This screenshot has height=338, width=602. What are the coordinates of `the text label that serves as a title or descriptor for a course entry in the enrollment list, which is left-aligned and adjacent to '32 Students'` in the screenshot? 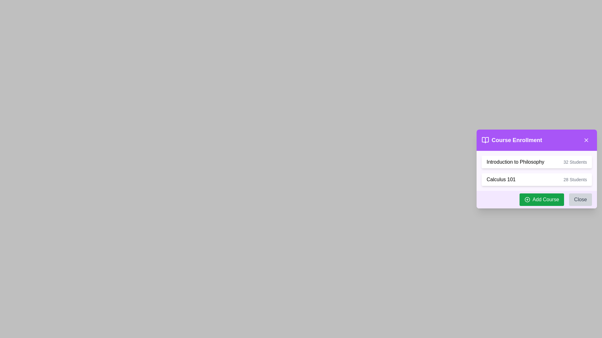 It's located at (515, 161).